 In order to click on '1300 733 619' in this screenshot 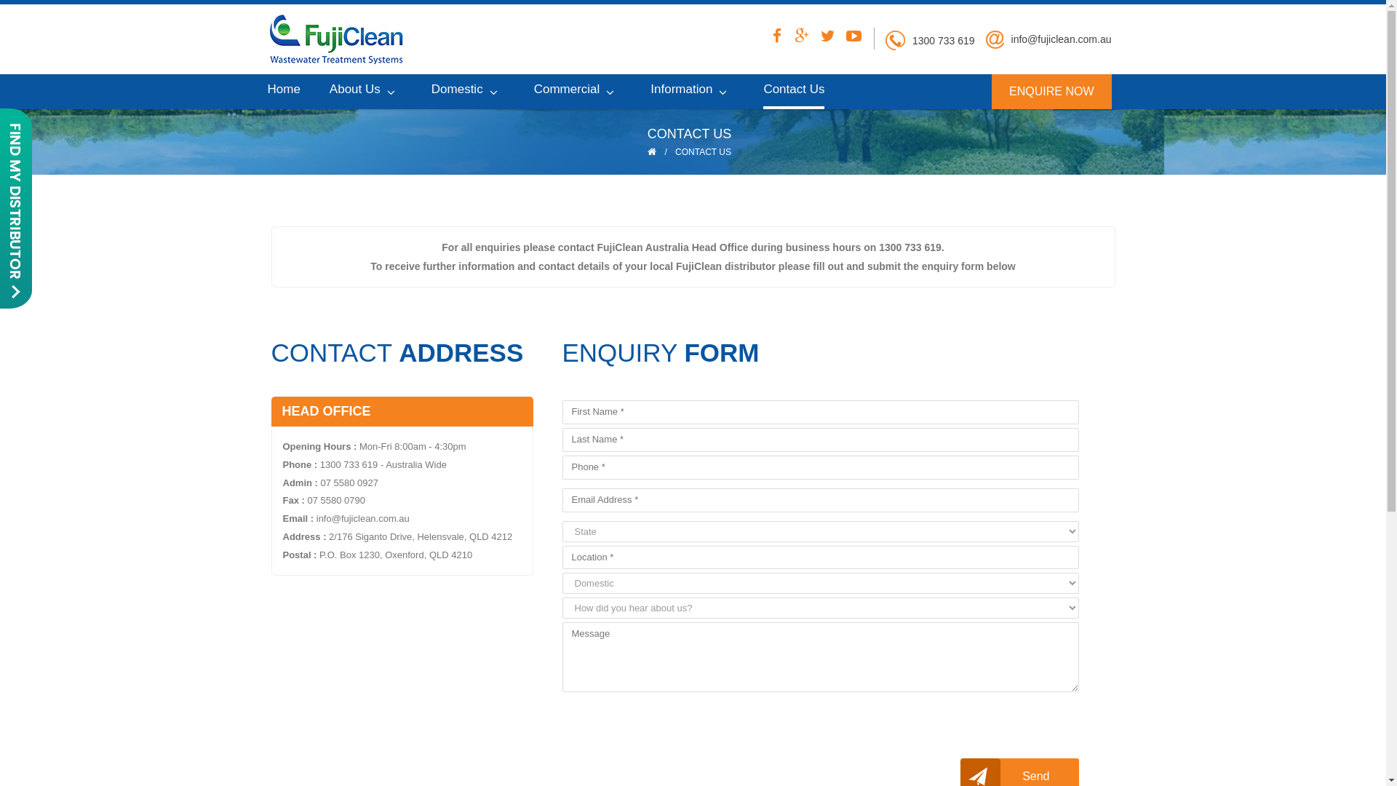, I will do `click(943, 40)`.